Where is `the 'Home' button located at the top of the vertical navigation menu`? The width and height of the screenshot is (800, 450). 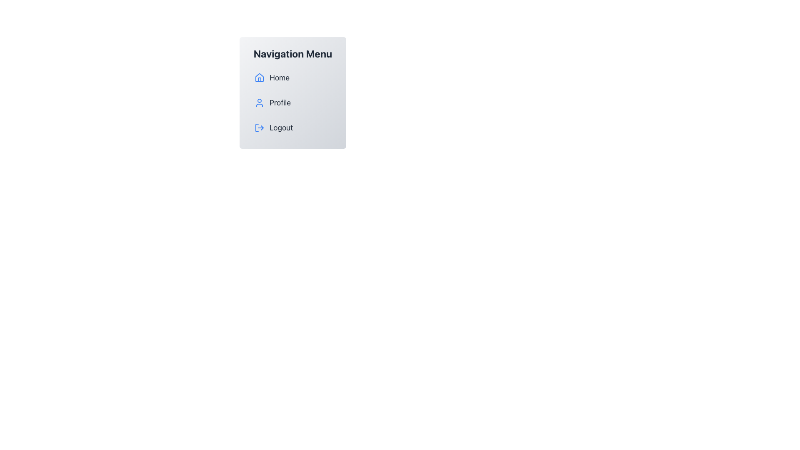 the 'Home' button located at the top of the vertical navigation menu is located at coordinates (292, 77).